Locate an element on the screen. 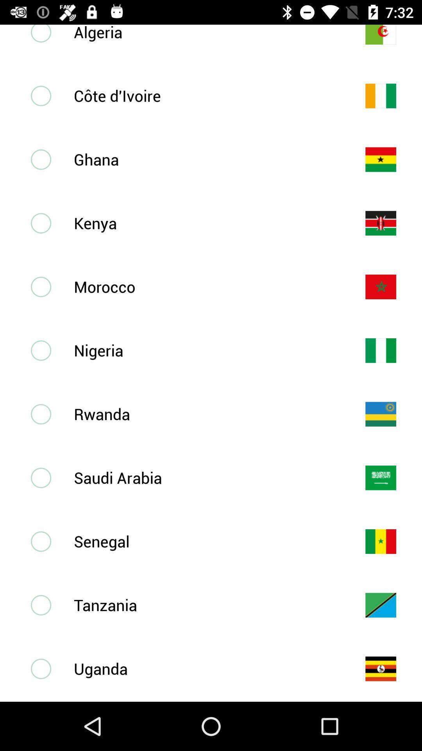 Image resolution: width=422 pixels, height=751 pixels. the senegal is located at coordinates (206, 541).